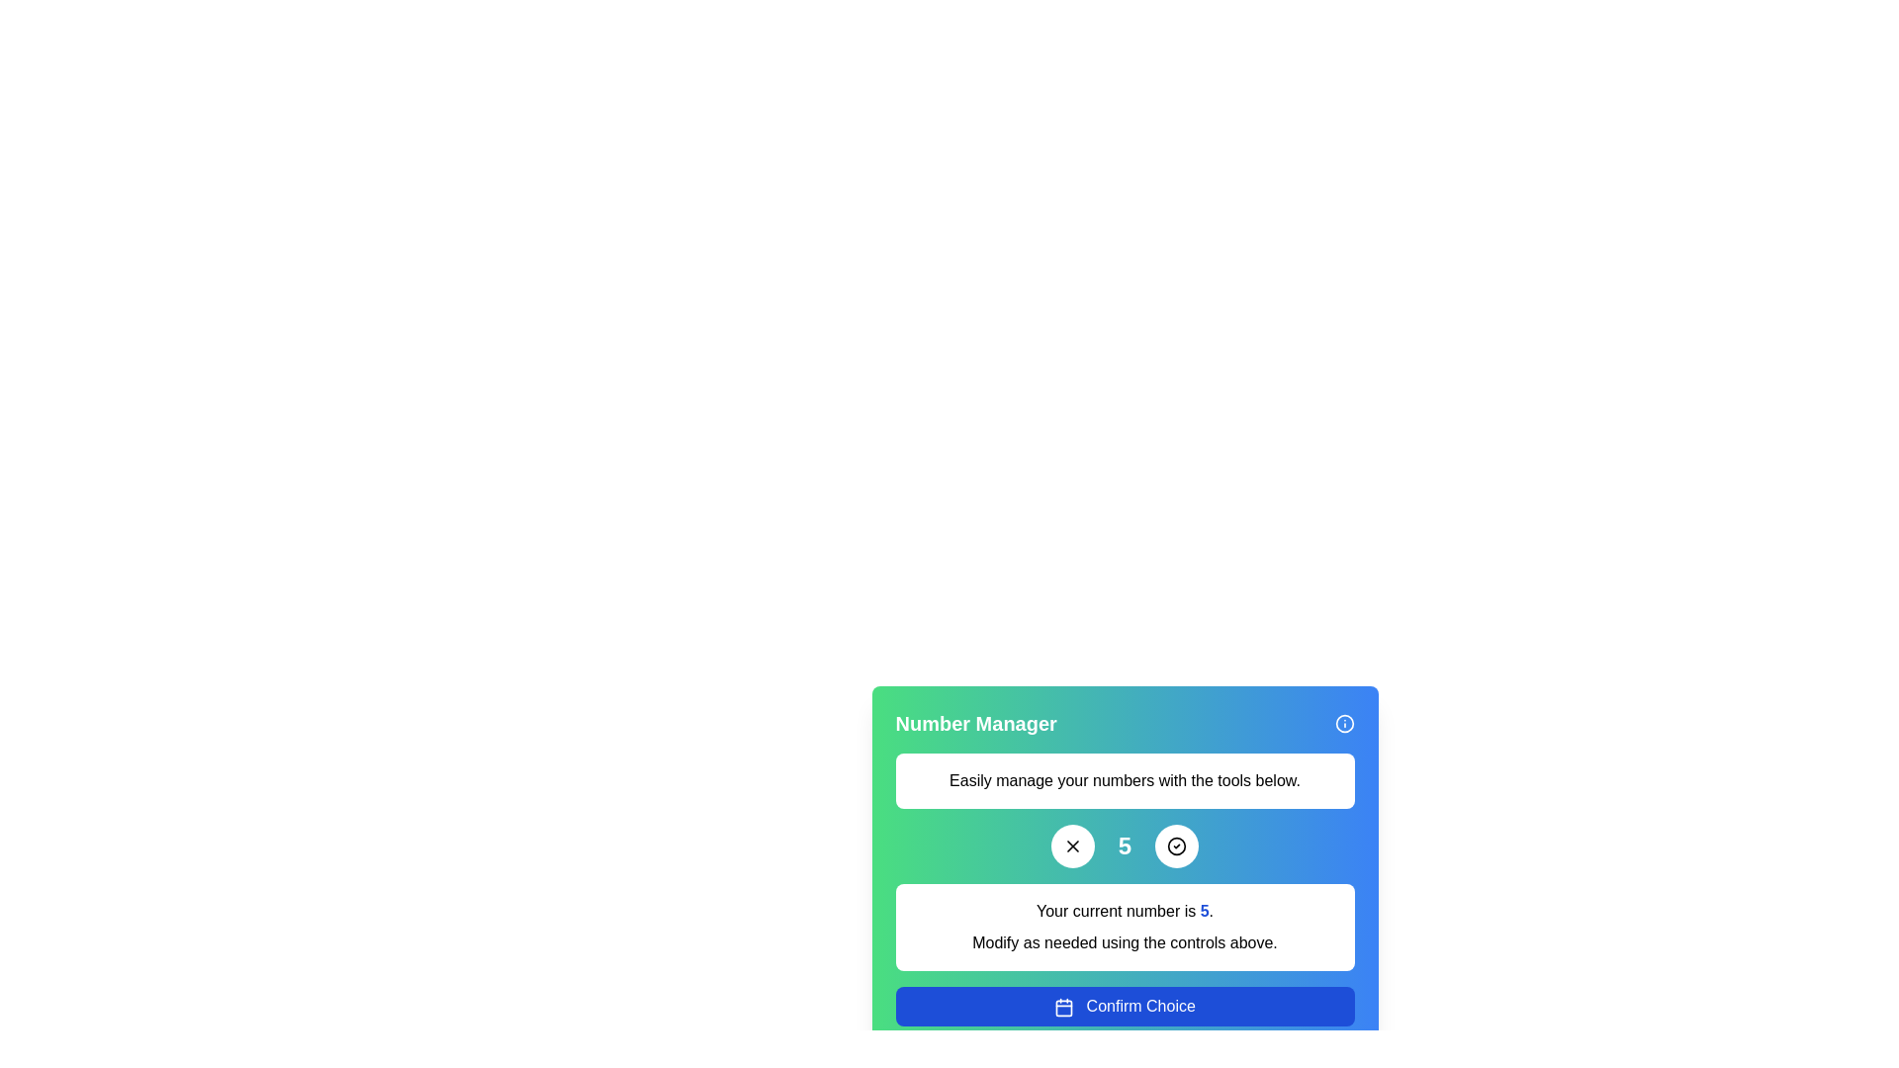 Image resolution: width=1899 pixels, height=1068 pixels. Describe the element at coordinates (1204, 911) in the screenshot. I see `the bold, blue-colored number '5' within the sentence 'Your current number is 5.'` at that location.